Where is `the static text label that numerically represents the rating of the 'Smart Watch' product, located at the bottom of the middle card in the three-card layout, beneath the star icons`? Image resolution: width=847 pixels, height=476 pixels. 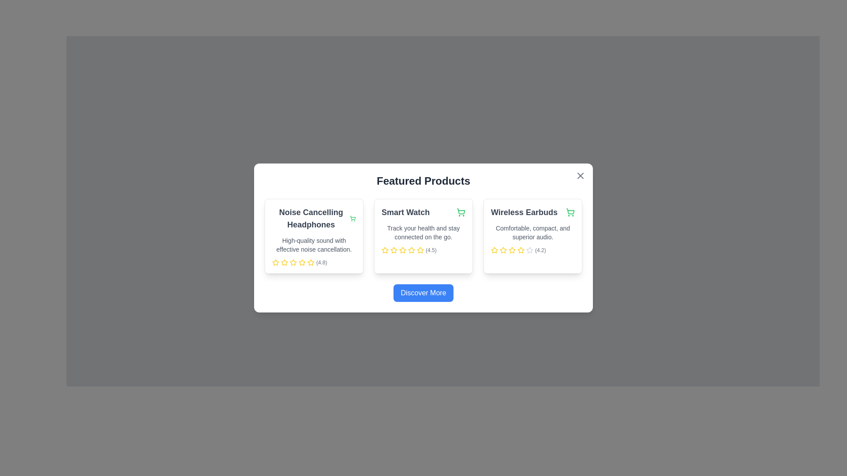 the static text label that numerically represents the rating of the 'Smart Watch' product, located at the bottom of the middle card in the three-card layout, beneath the star icons is located at coordinates (431, 250).